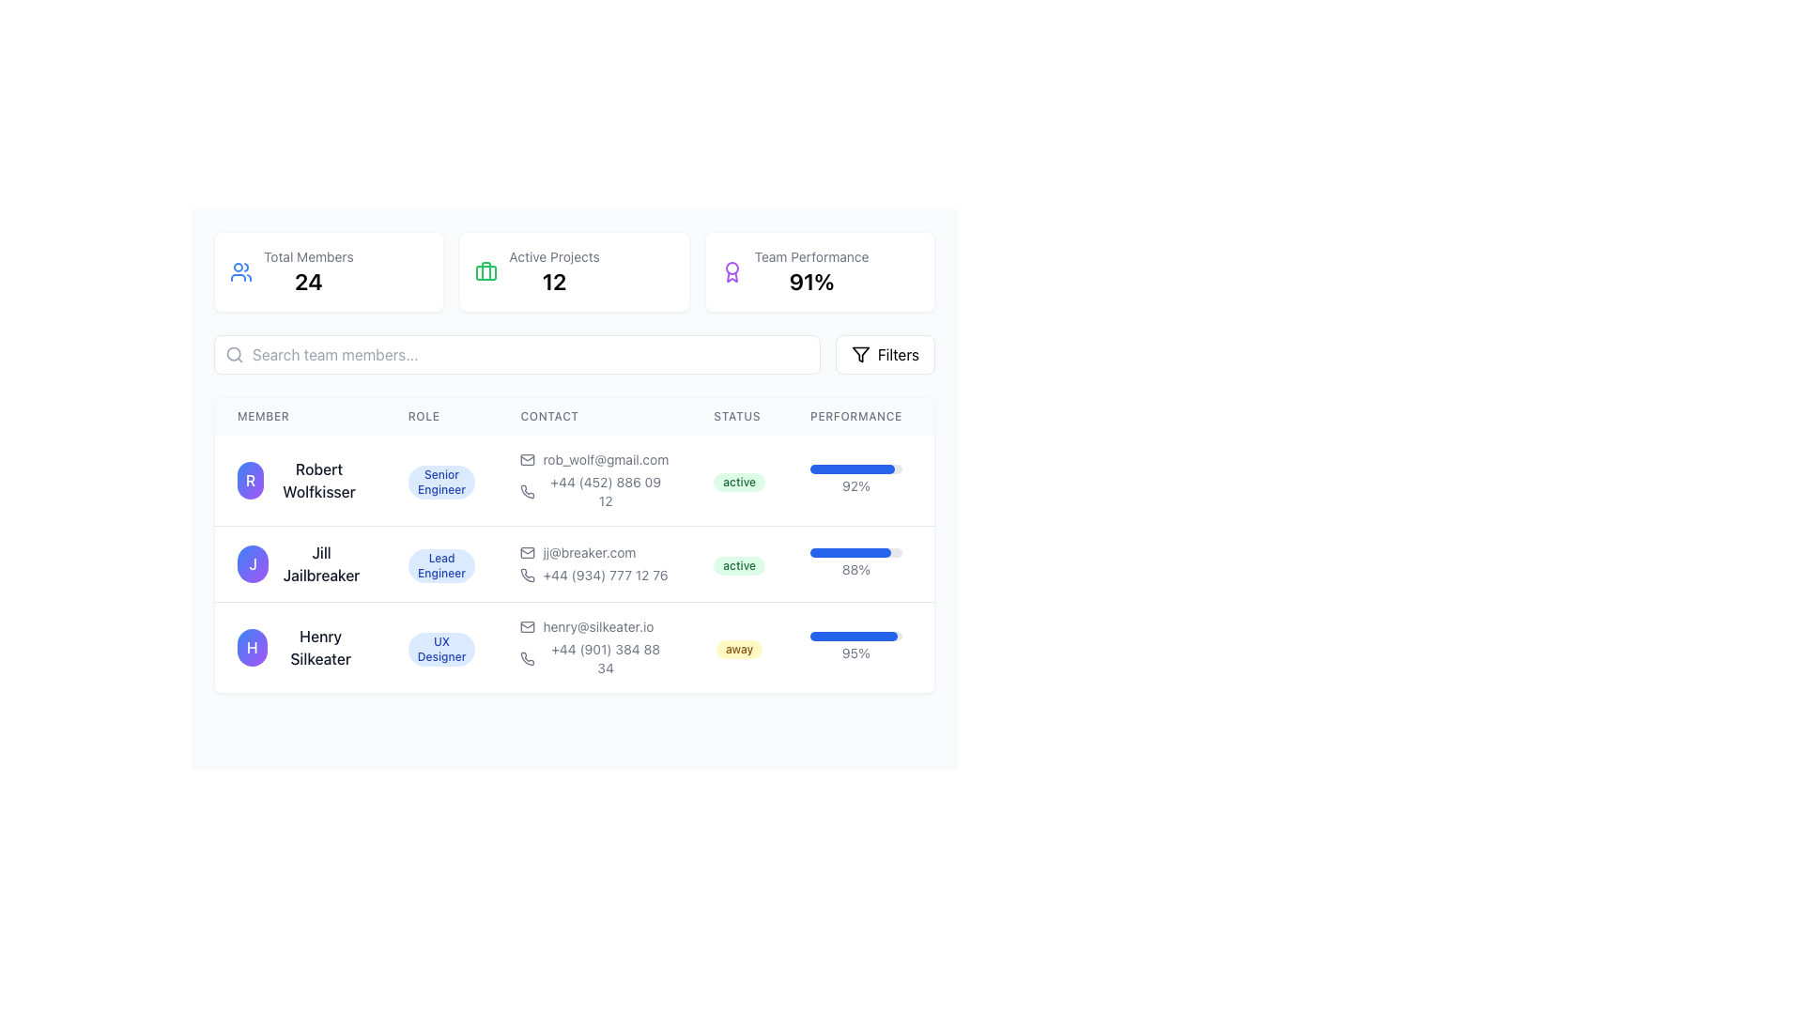 This screenshot has height=1014, width=1803. What do you see at coordinates (553, 282) in the screenshot?
I see `the Text Display that shows the numeric text '12' beneath the label 'Active Projects'` at bounding box center [553, 282].